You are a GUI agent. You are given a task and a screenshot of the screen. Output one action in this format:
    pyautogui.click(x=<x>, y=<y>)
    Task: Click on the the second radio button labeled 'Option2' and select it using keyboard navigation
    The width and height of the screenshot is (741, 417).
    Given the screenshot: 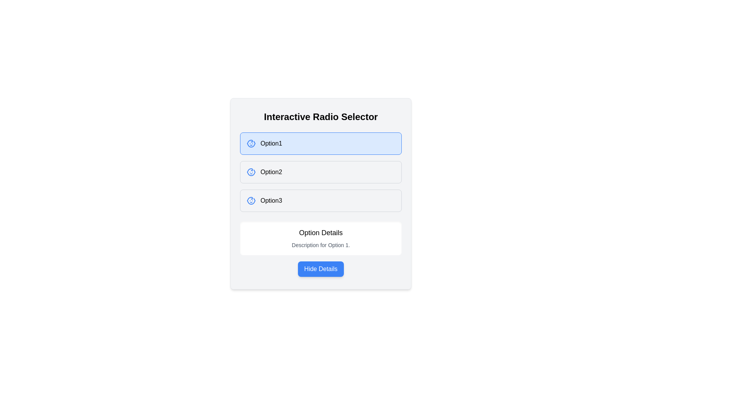 What is the action you would take?
    pyautogui.click(x=321, y=172)
    